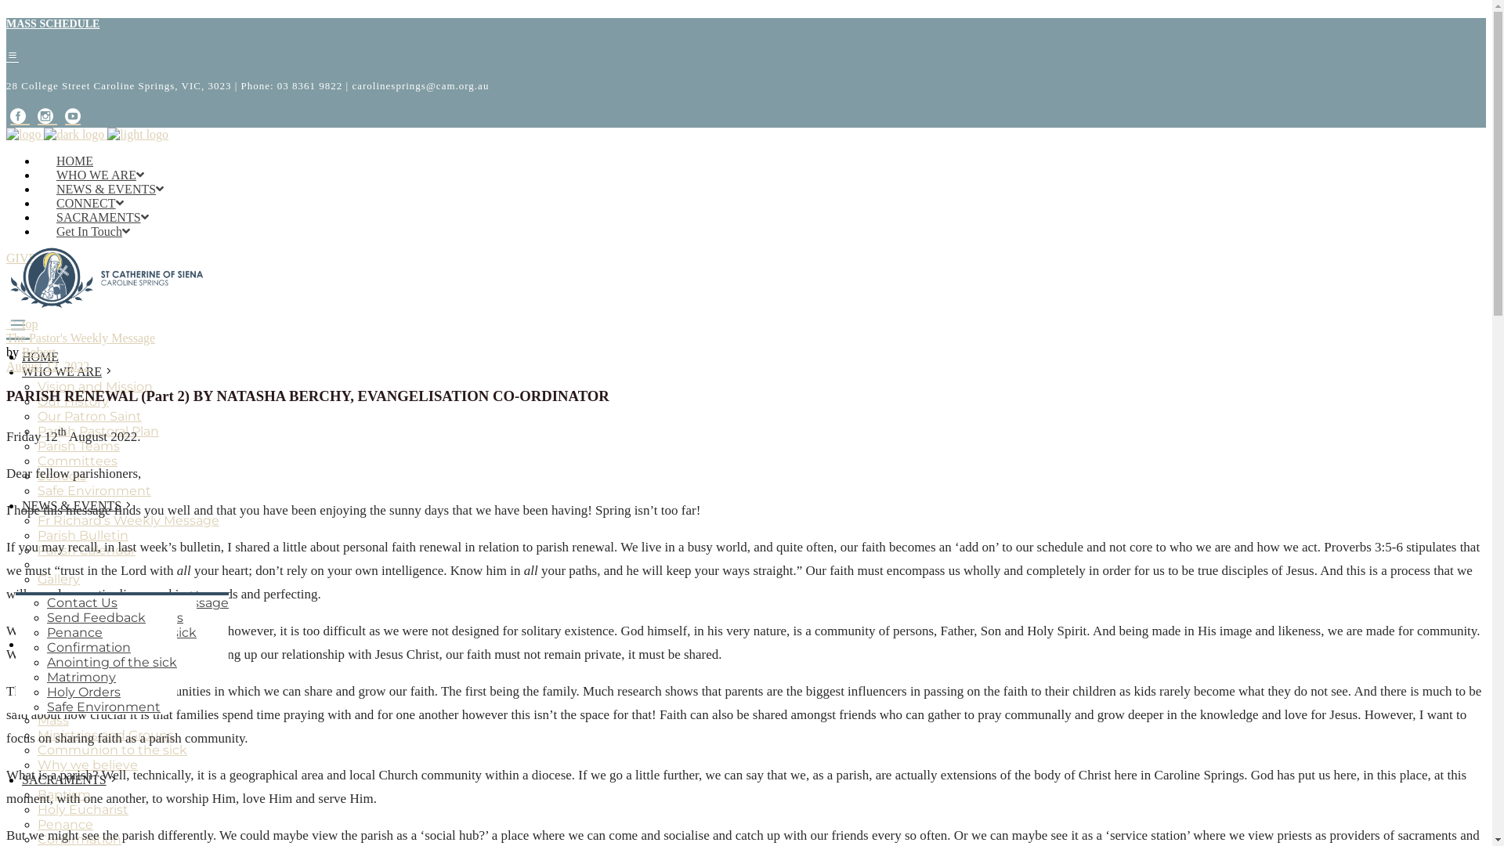 This screenshot has width=1504, height=846. Describe the element at coordinates (46, 602) in the screenshot. I see `'Baptism'` at that location.